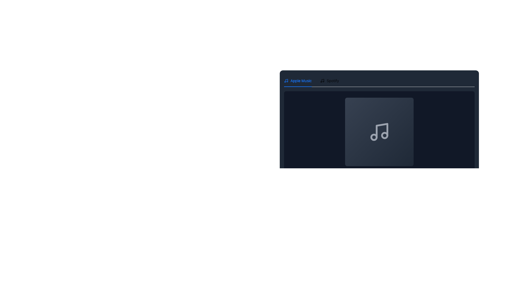 This screenshot has width=514, height=289. What do you see at coordinates (311, 81) in the screenshot?
I see `the 'Apple Music' tab in the tab navigation system` at bounding box center [311, 81].